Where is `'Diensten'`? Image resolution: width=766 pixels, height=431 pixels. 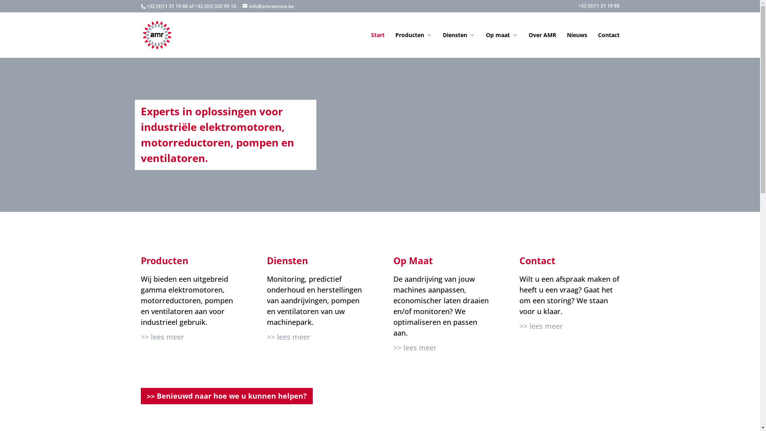
'Diensten' is located at coordinates (459, 45).